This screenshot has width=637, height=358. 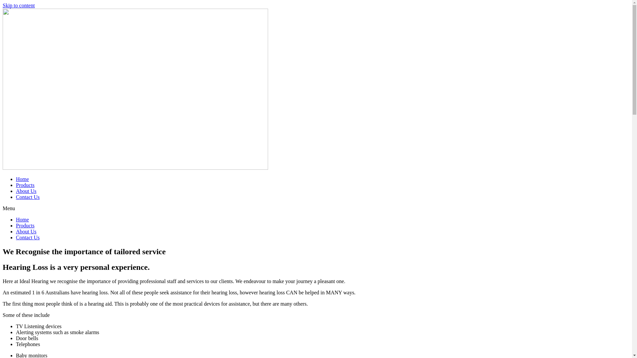 I want to click on 'Products', so click(x=25, y=185).